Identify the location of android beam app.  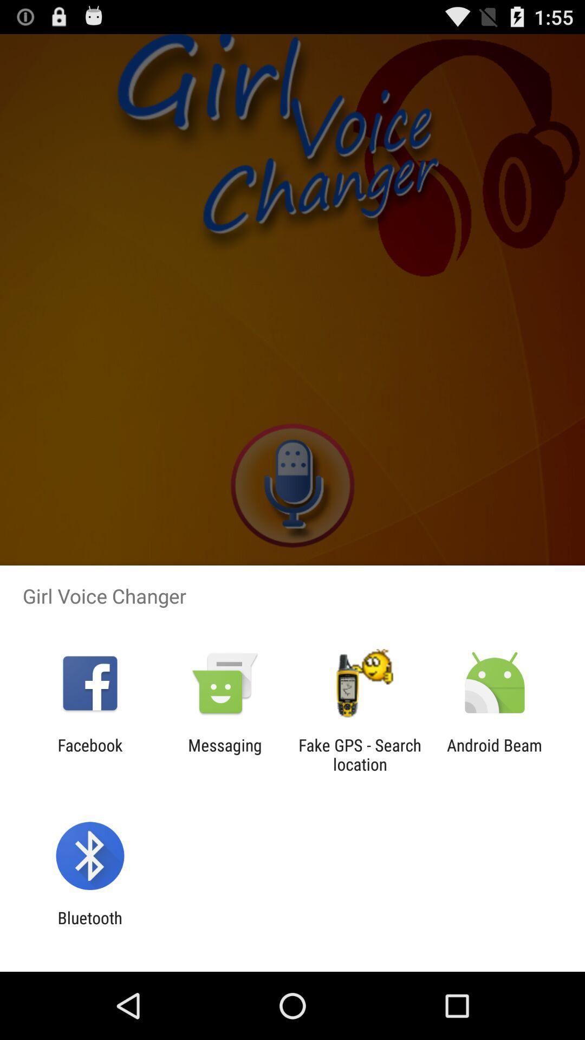
(495, 754).